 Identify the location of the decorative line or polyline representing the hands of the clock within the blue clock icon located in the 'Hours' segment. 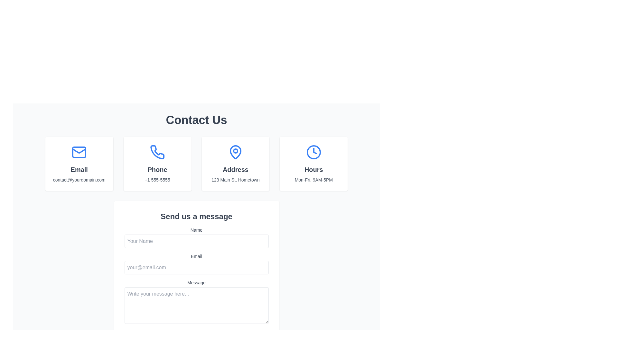
(315, 151).